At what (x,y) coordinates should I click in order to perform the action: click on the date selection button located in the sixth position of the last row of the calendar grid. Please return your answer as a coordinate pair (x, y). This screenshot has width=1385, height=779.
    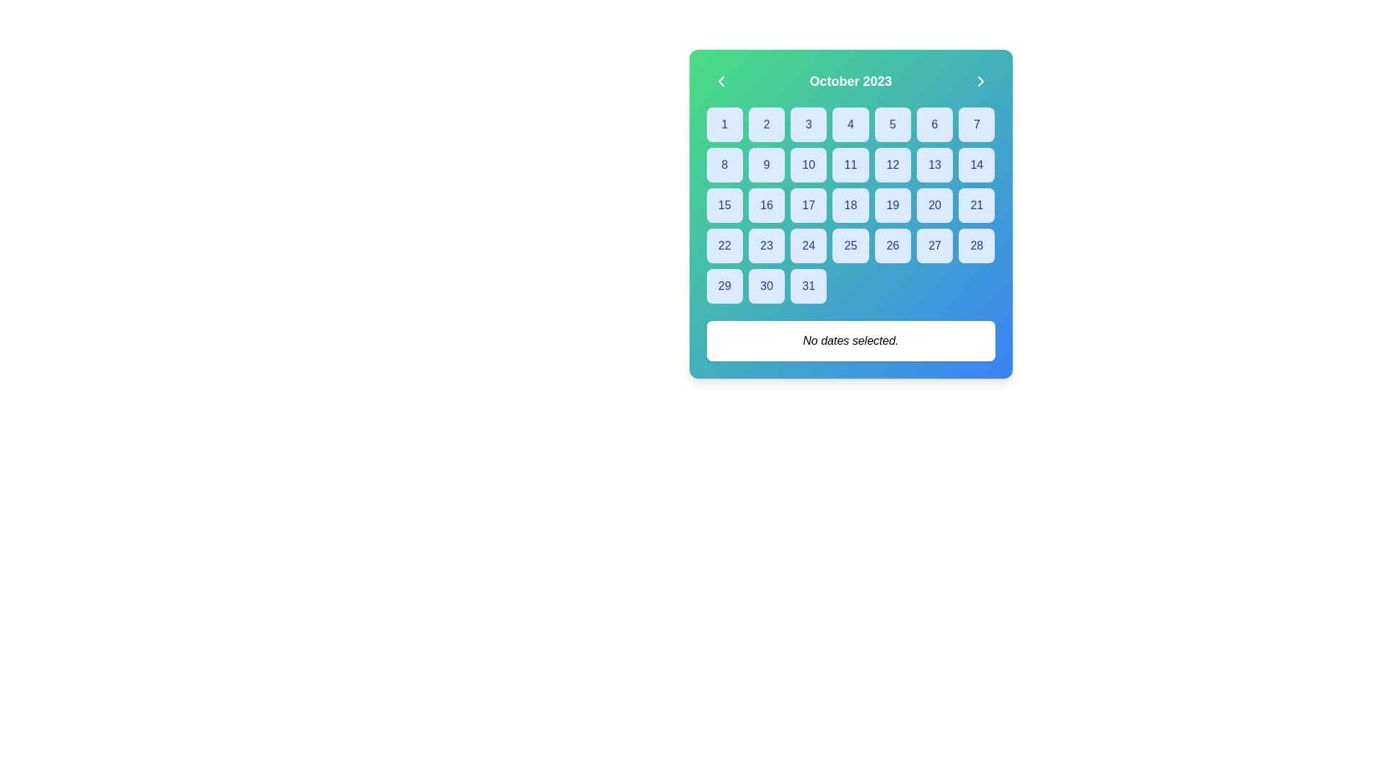
    Looking at the image, I should click on (765, 286).